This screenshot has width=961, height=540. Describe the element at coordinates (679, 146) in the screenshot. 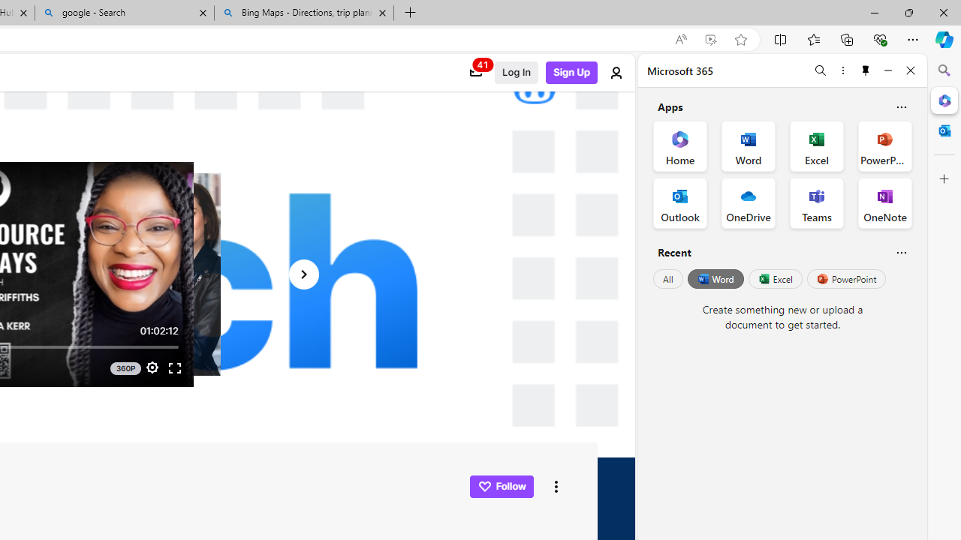

I see `'Home Office App'` at that location.